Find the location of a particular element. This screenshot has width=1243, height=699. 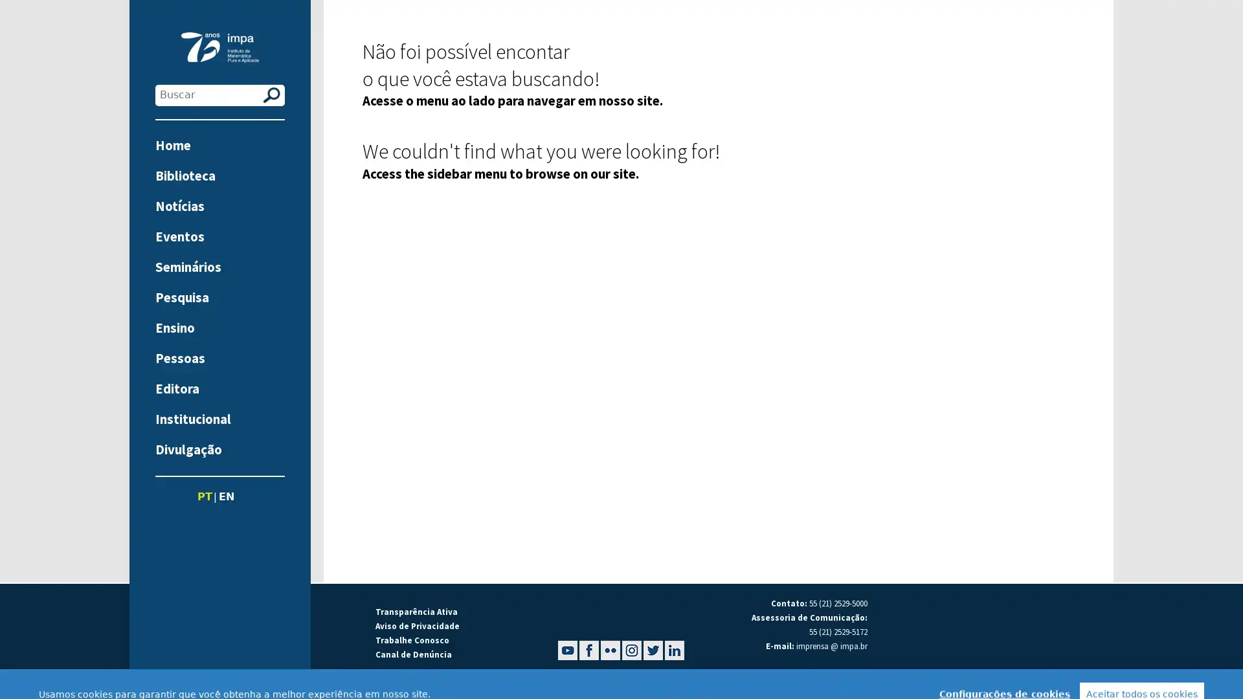

PT is located at coordinates (204, 496).